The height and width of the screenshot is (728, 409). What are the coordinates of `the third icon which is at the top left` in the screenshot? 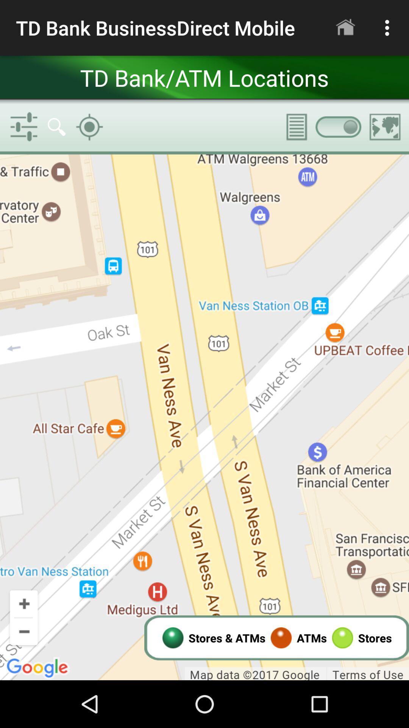 It's located at (89, 127).